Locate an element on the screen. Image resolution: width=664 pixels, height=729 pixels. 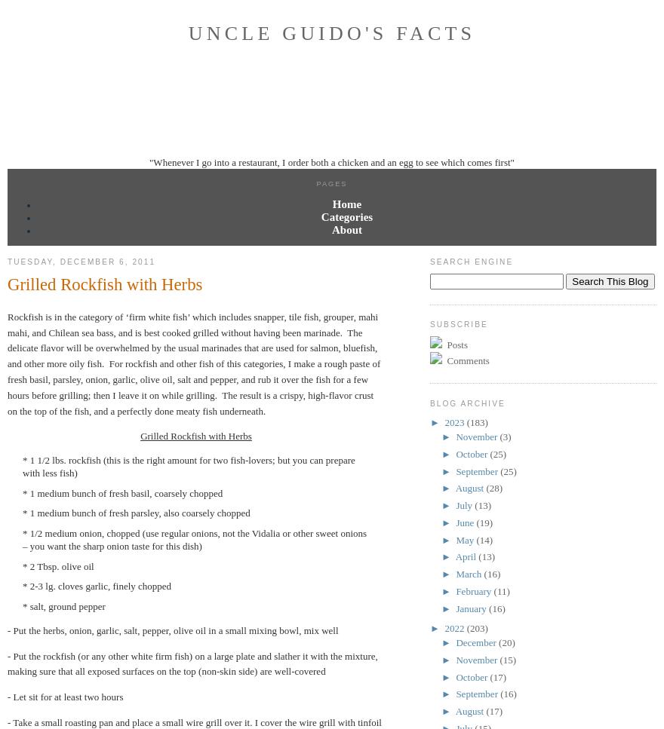
'(11)' is located at coordinates (500, 590).